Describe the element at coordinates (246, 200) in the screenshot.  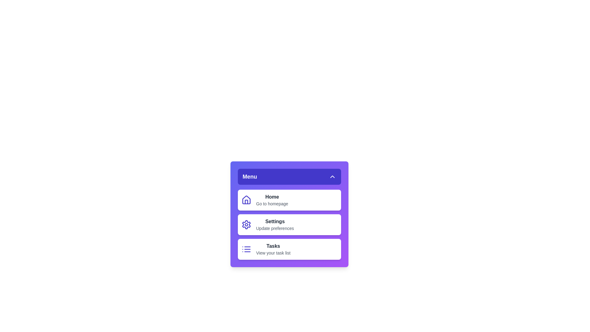
I see `the Home icon to inspect its visual feedback` at that location.